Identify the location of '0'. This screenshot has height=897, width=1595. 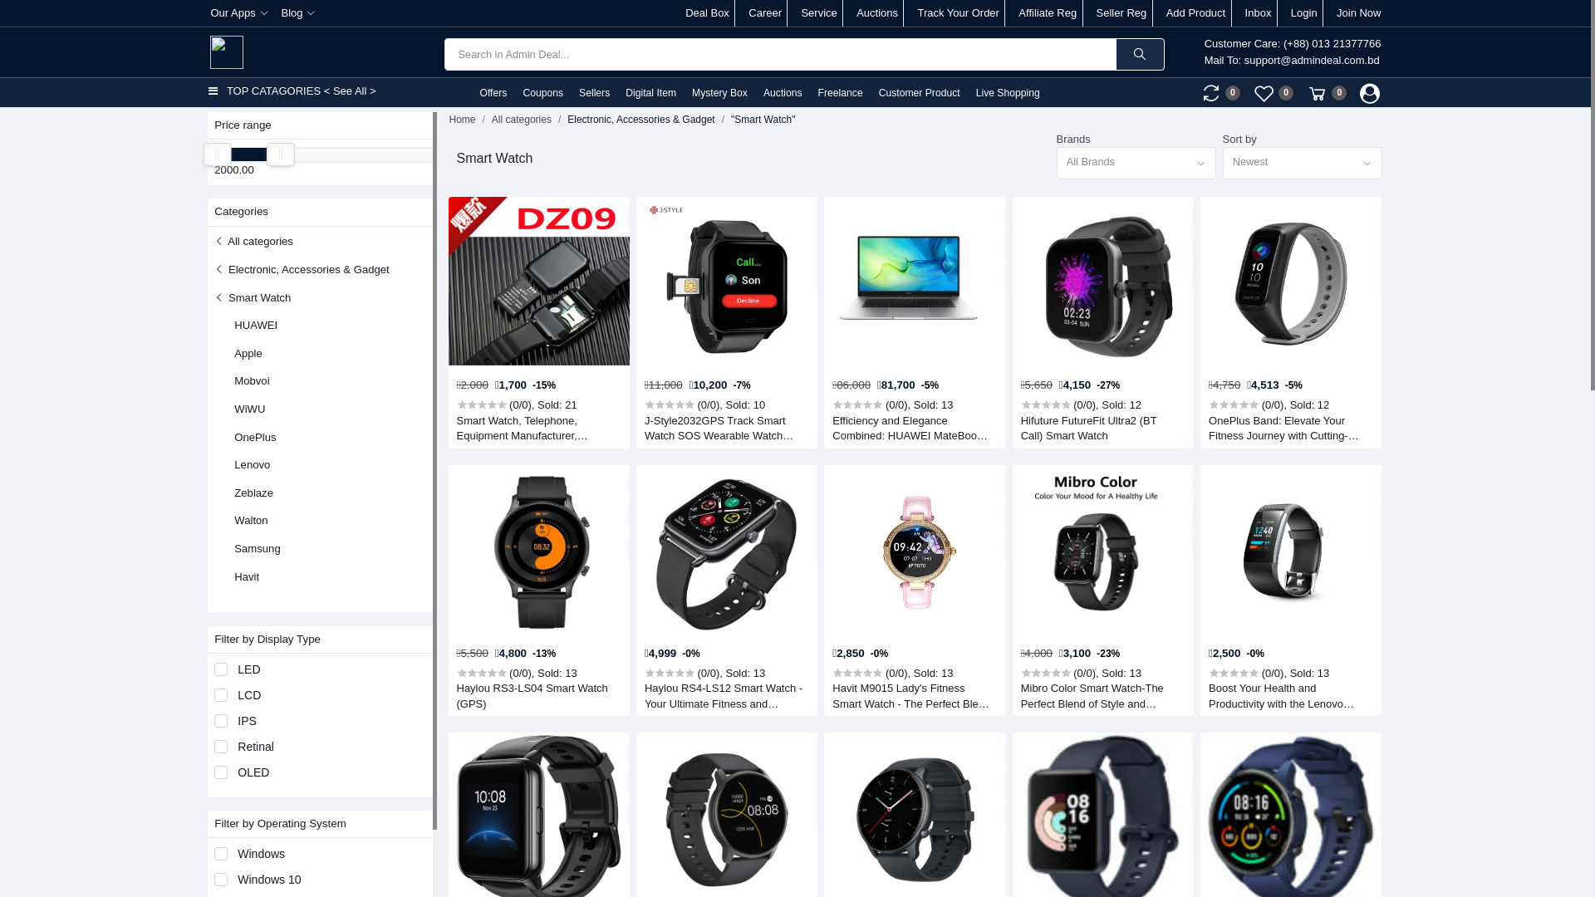
(1326, 92).